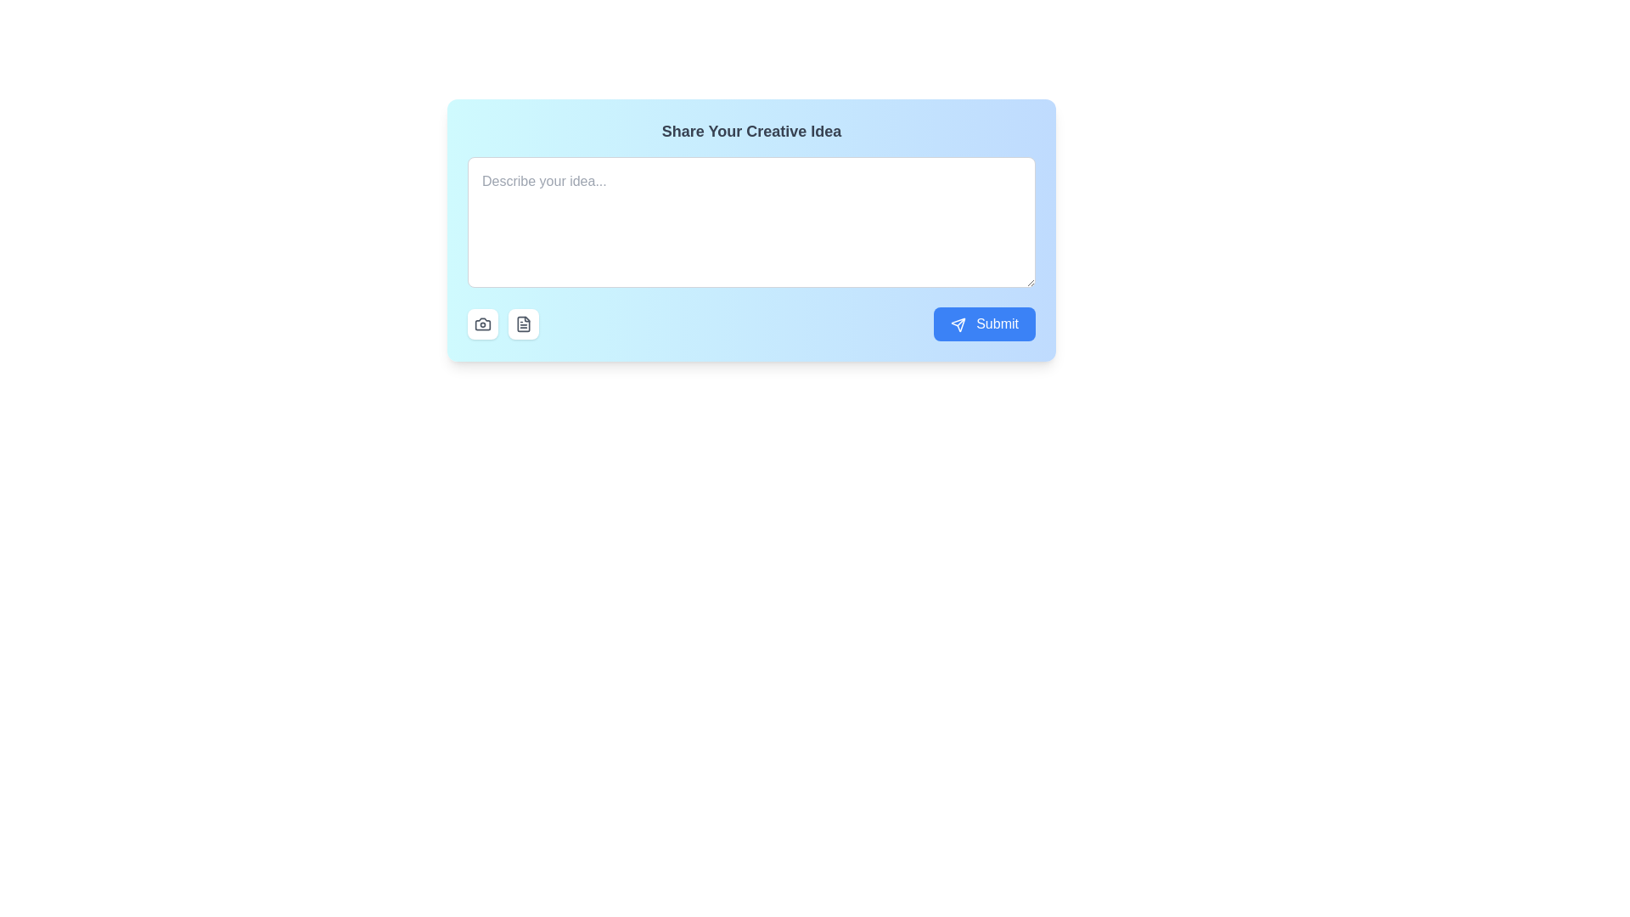 This screenshot has height=917, width=1630. What do you see at coordinates (958, 324) in the screenshot?
I see `the paper airplane icon located to the left of the 'Submit' text inside the blue button in the bottom-right corner of the card` at bounding box center [958, 324].